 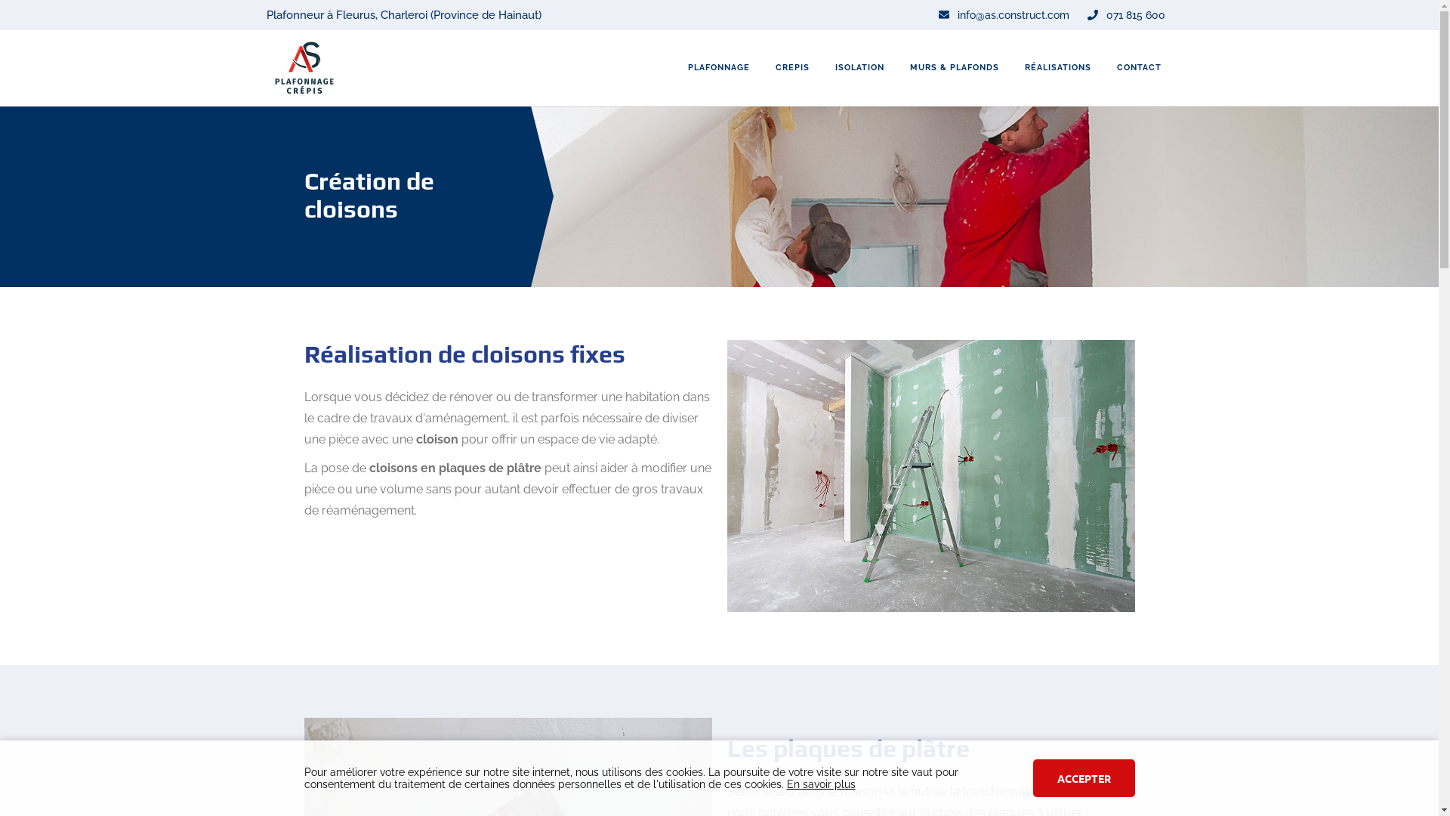 I want to click on 'CONTACT', so click(x=1139, y=66).